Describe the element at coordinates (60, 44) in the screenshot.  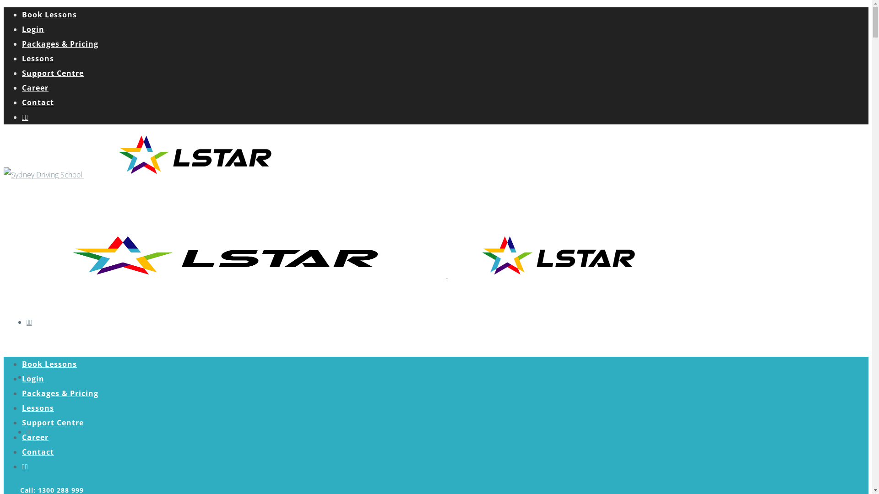
I see `'Packages & Pricing'` at that location.